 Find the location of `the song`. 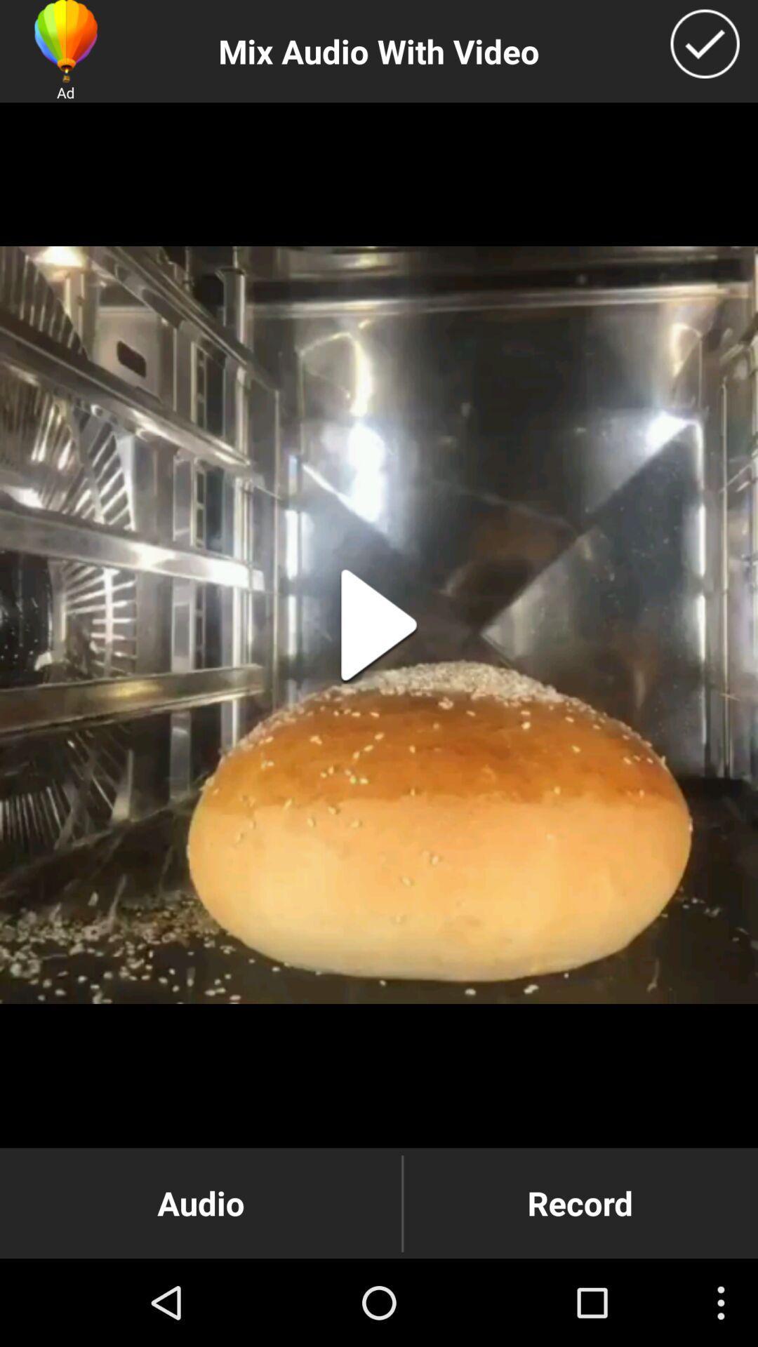

the song is located at coordinates (379, 624).